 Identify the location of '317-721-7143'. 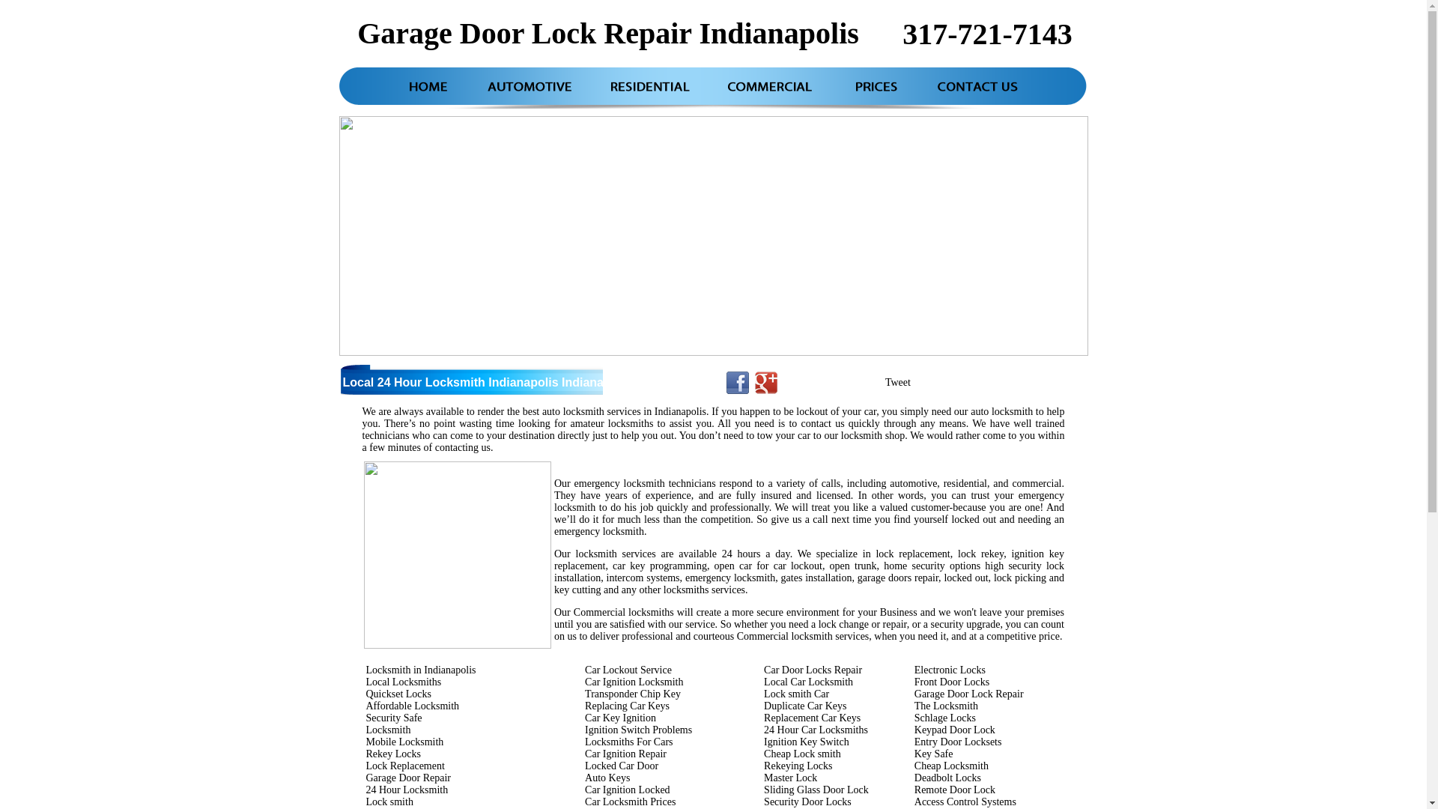
(987, 34).